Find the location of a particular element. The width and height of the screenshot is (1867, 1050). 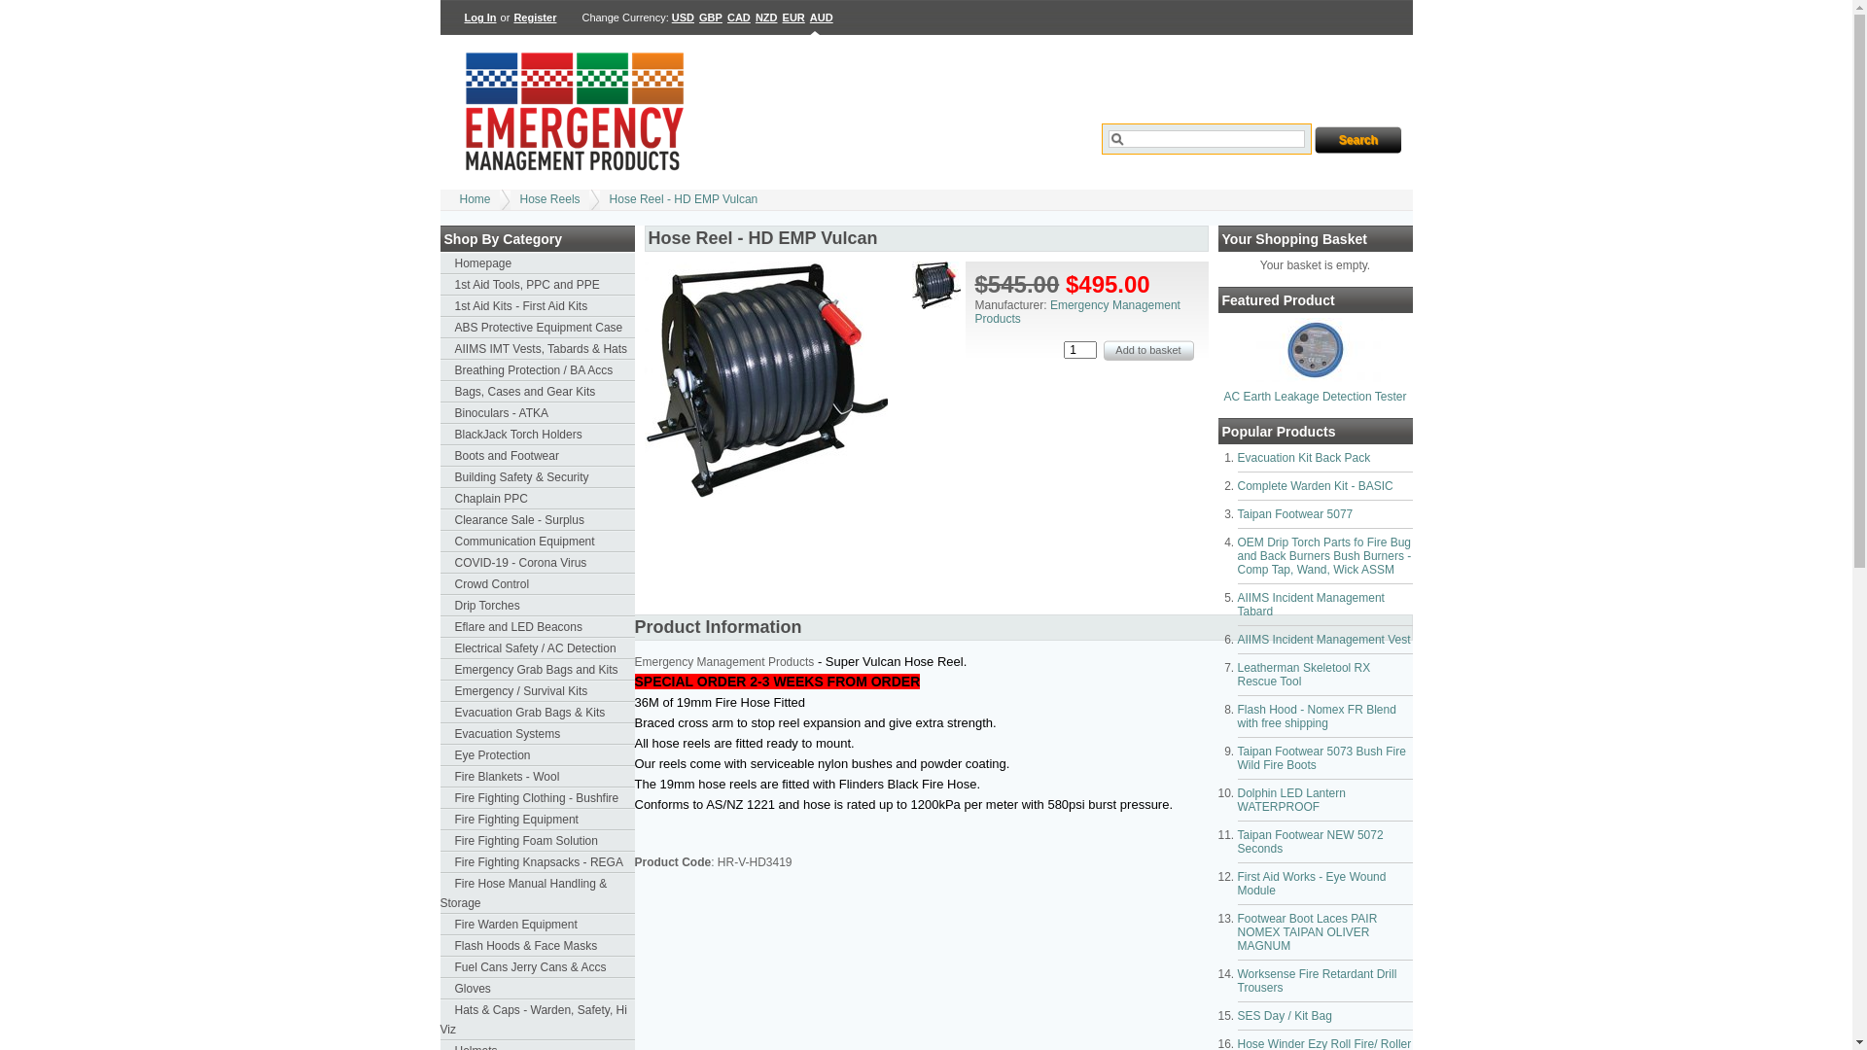

'Communication Equipment' is located at coordinates (537, 541).